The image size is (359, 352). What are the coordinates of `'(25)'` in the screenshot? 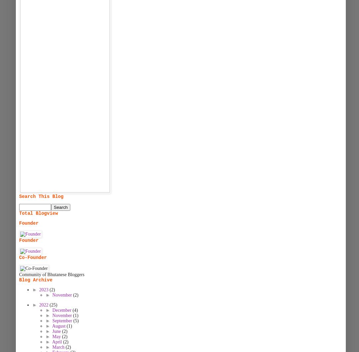 It's located at (53, 305).